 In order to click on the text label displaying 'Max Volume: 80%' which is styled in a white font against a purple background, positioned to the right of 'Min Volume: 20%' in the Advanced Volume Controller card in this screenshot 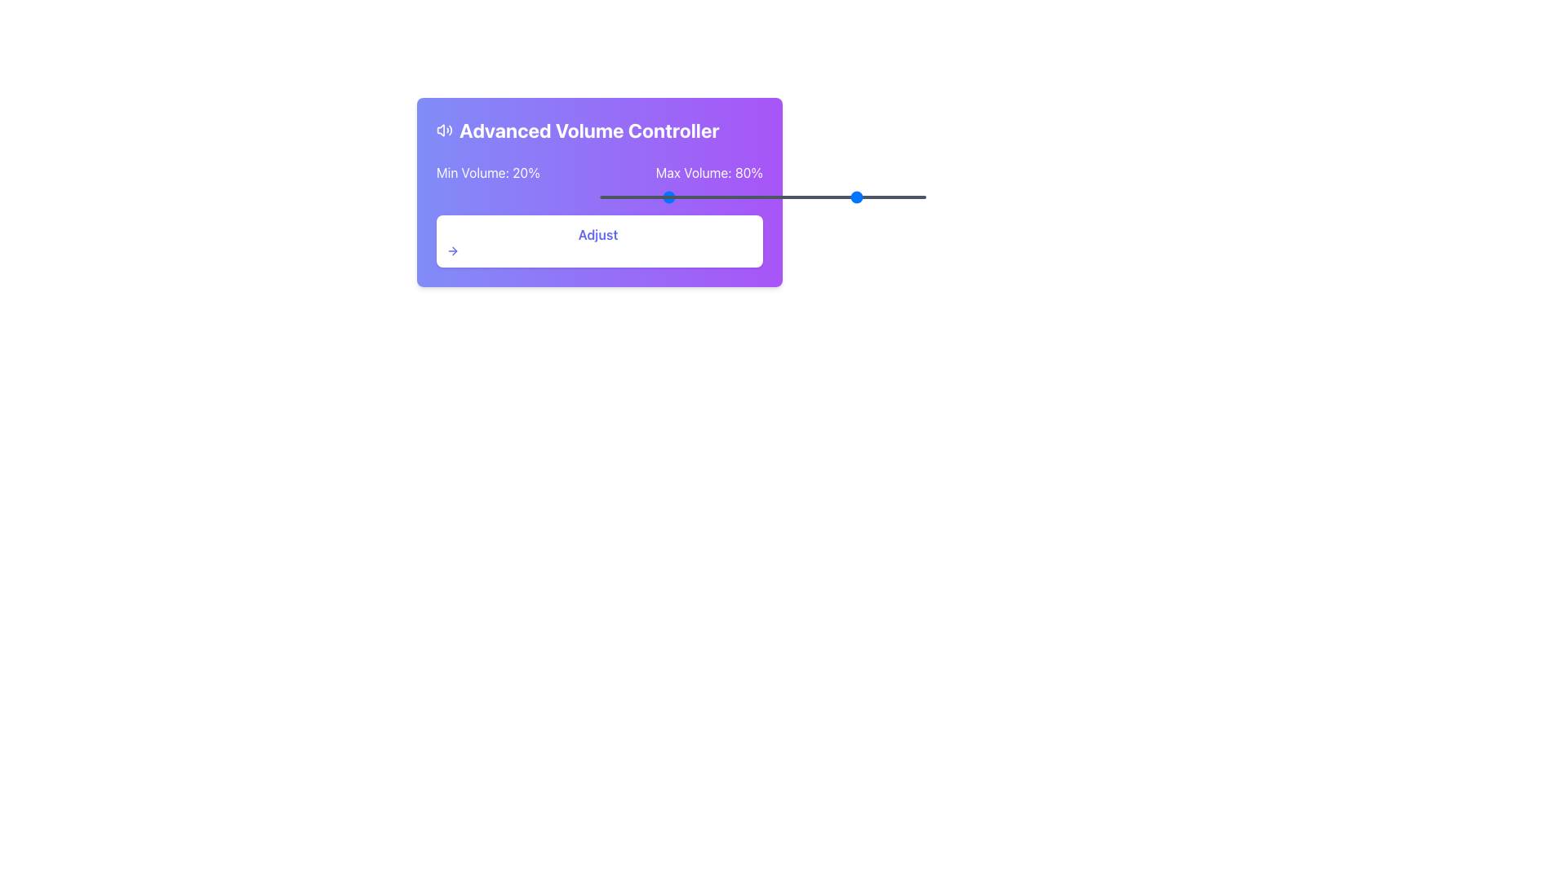, I will do `click(709, 173)`.